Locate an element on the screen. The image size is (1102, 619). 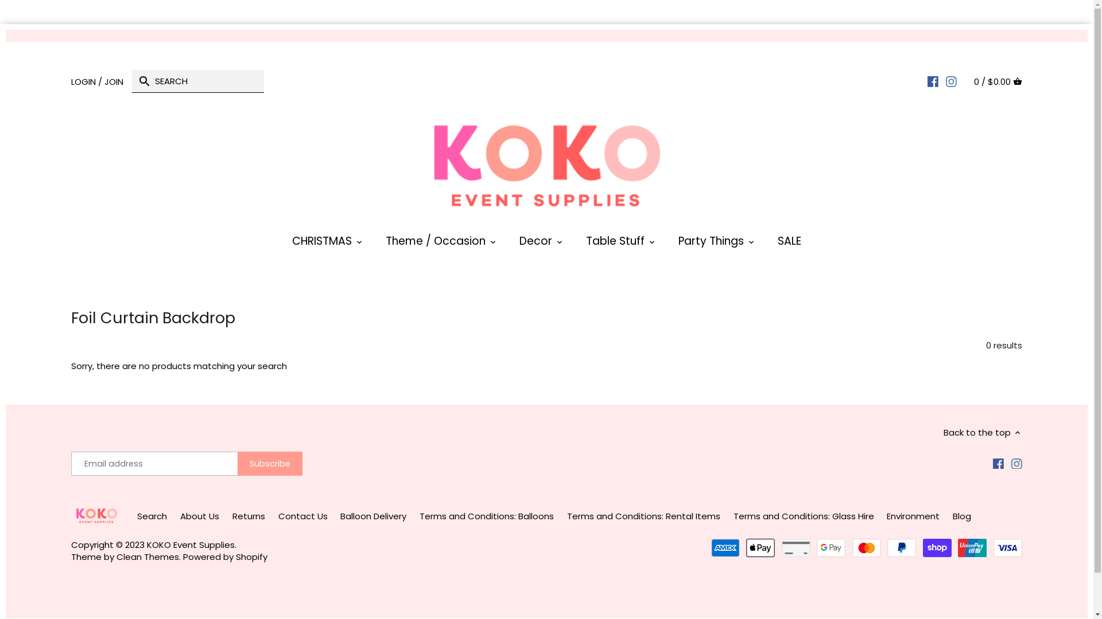
'Search' is located at coordinates (151, 516).